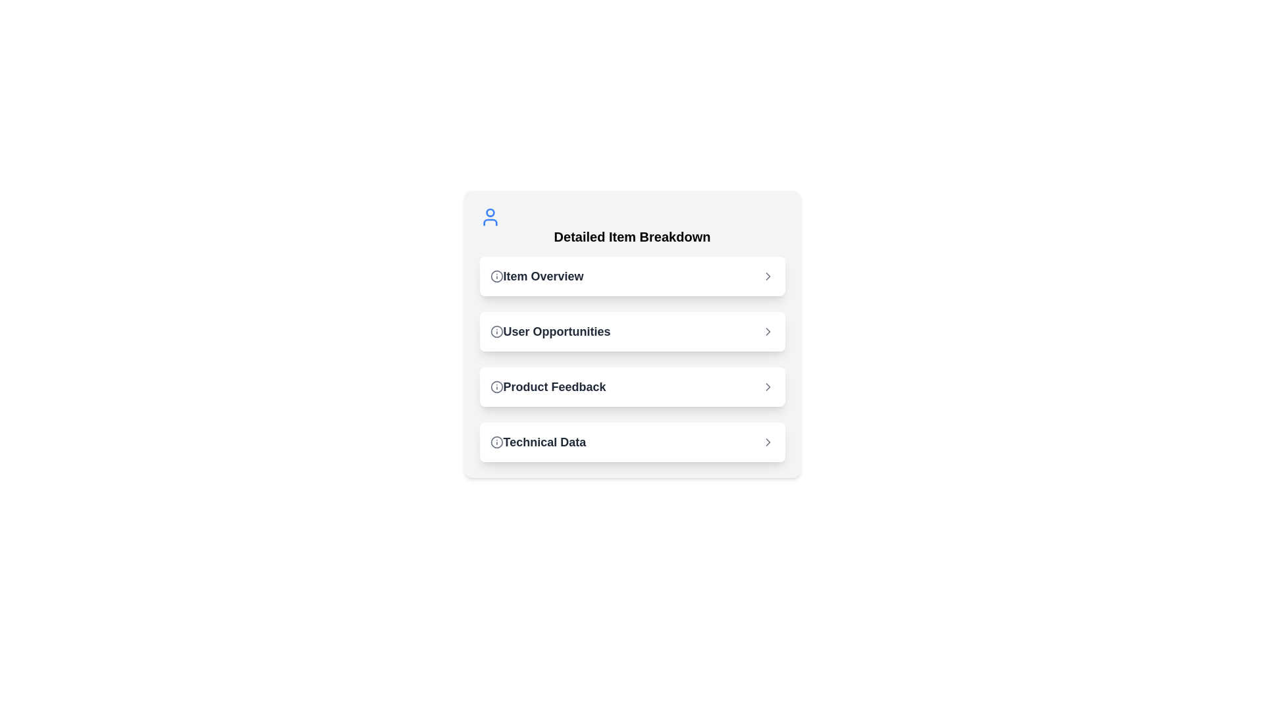  Describe the element at coordinates (632, 386) in the screenshot. I see `the interactive list item labeled 'Product Feedback'` at that location.